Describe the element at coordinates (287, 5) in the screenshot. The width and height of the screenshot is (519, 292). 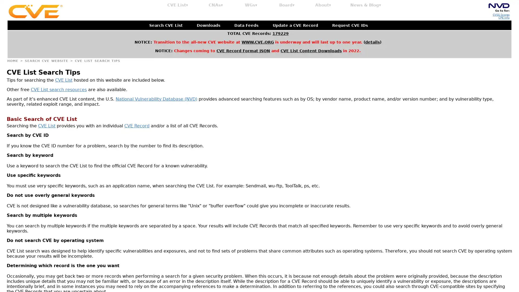
I see `Board` at that location.